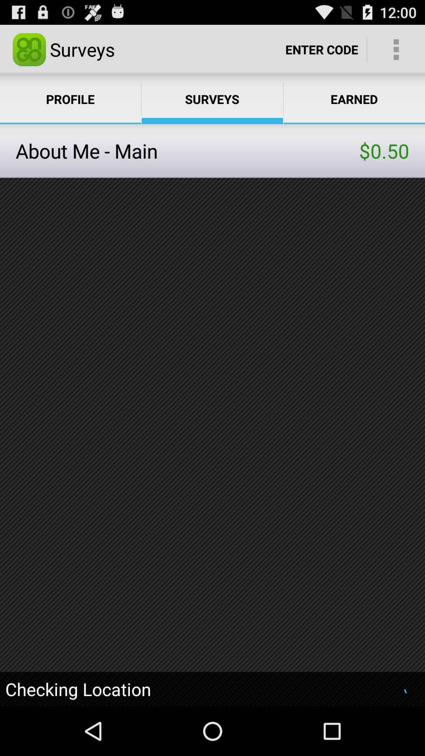  I want to click on enter code icon, so click(322, 49).